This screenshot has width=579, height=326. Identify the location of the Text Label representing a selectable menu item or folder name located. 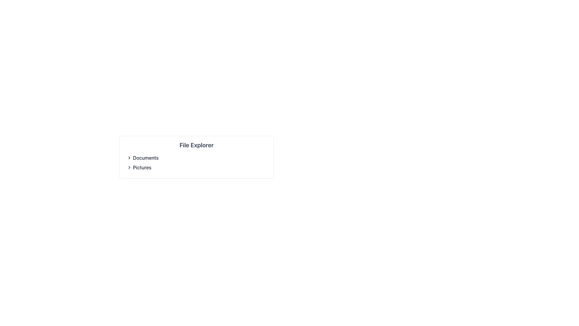
(139, 168).